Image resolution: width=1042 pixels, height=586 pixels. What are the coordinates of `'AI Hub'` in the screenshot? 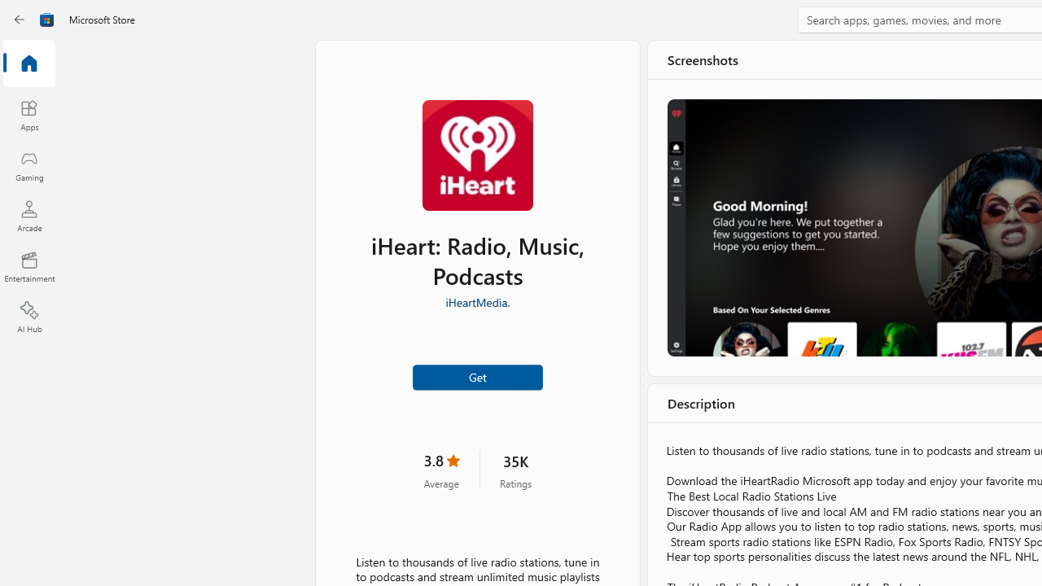 It's located at (28, 317).